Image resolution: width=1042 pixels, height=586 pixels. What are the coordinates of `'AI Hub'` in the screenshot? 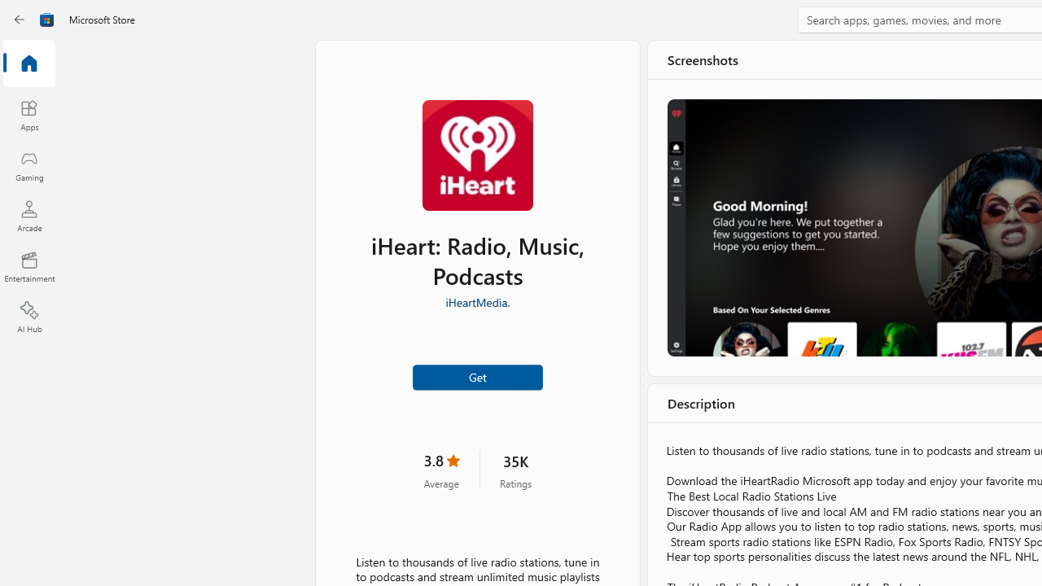 It's located at (28, 317).